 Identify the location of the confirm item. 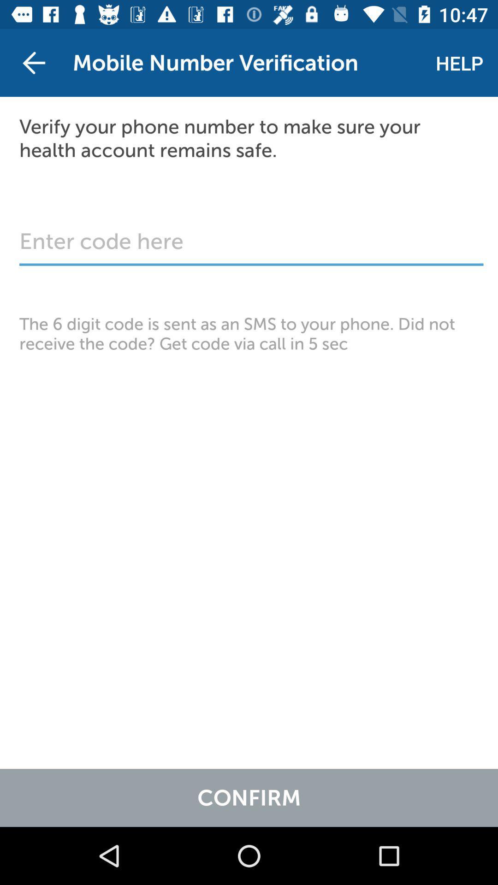
(249, 797).